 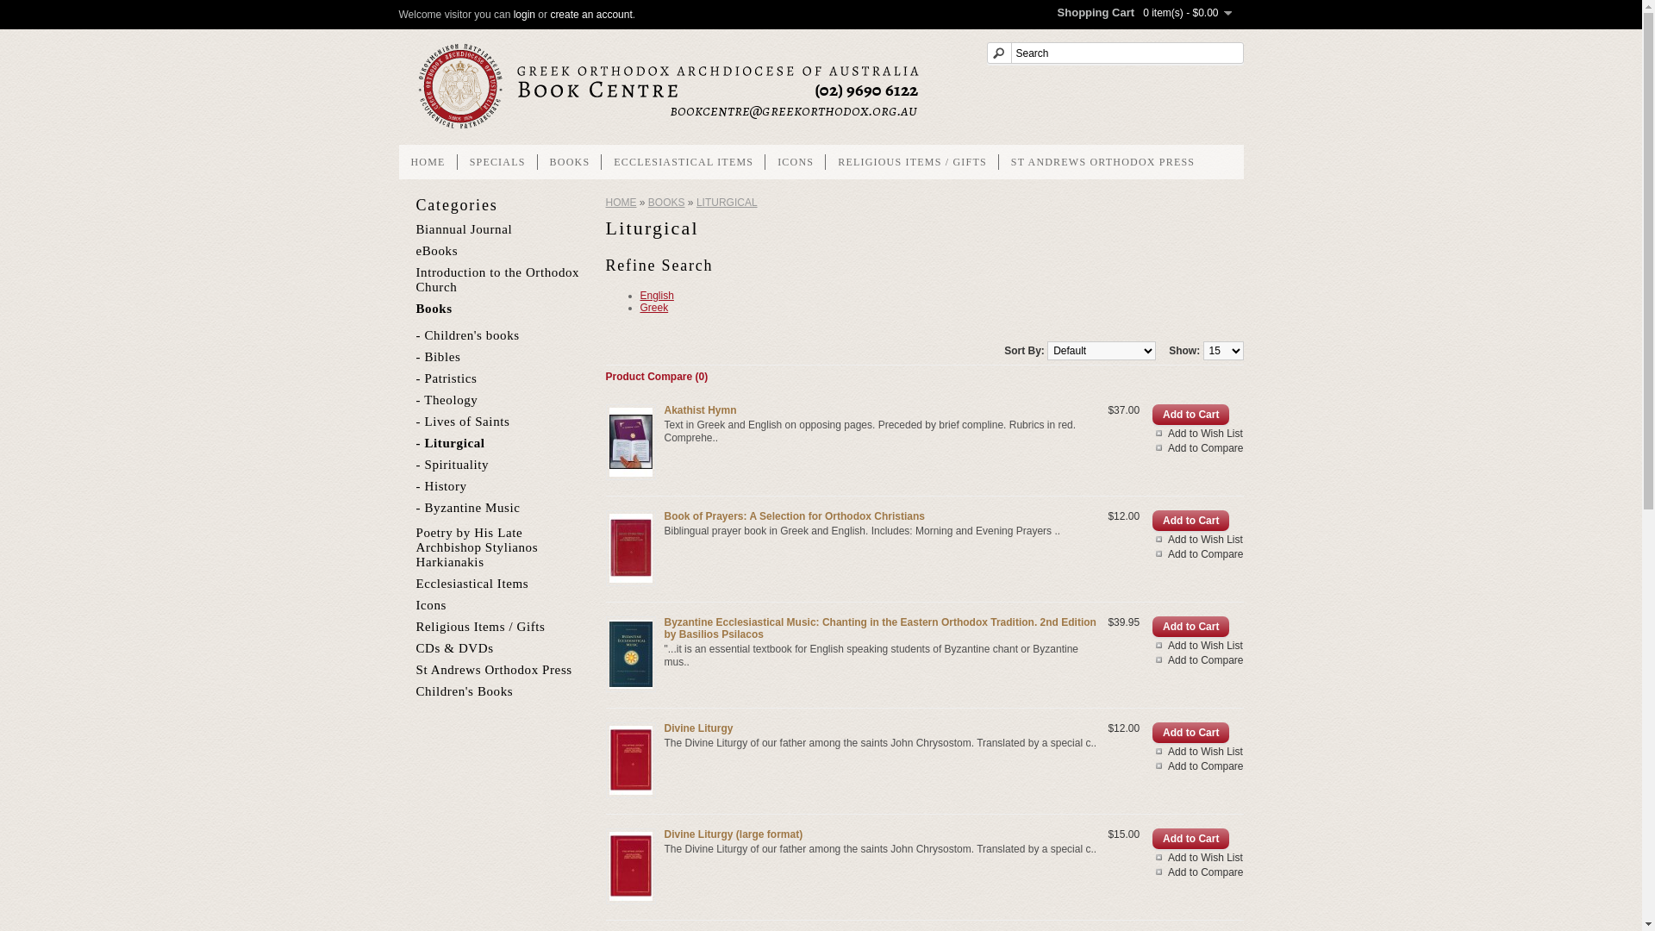 I want to click on '- Liturgical', so click(x=500, y=442).